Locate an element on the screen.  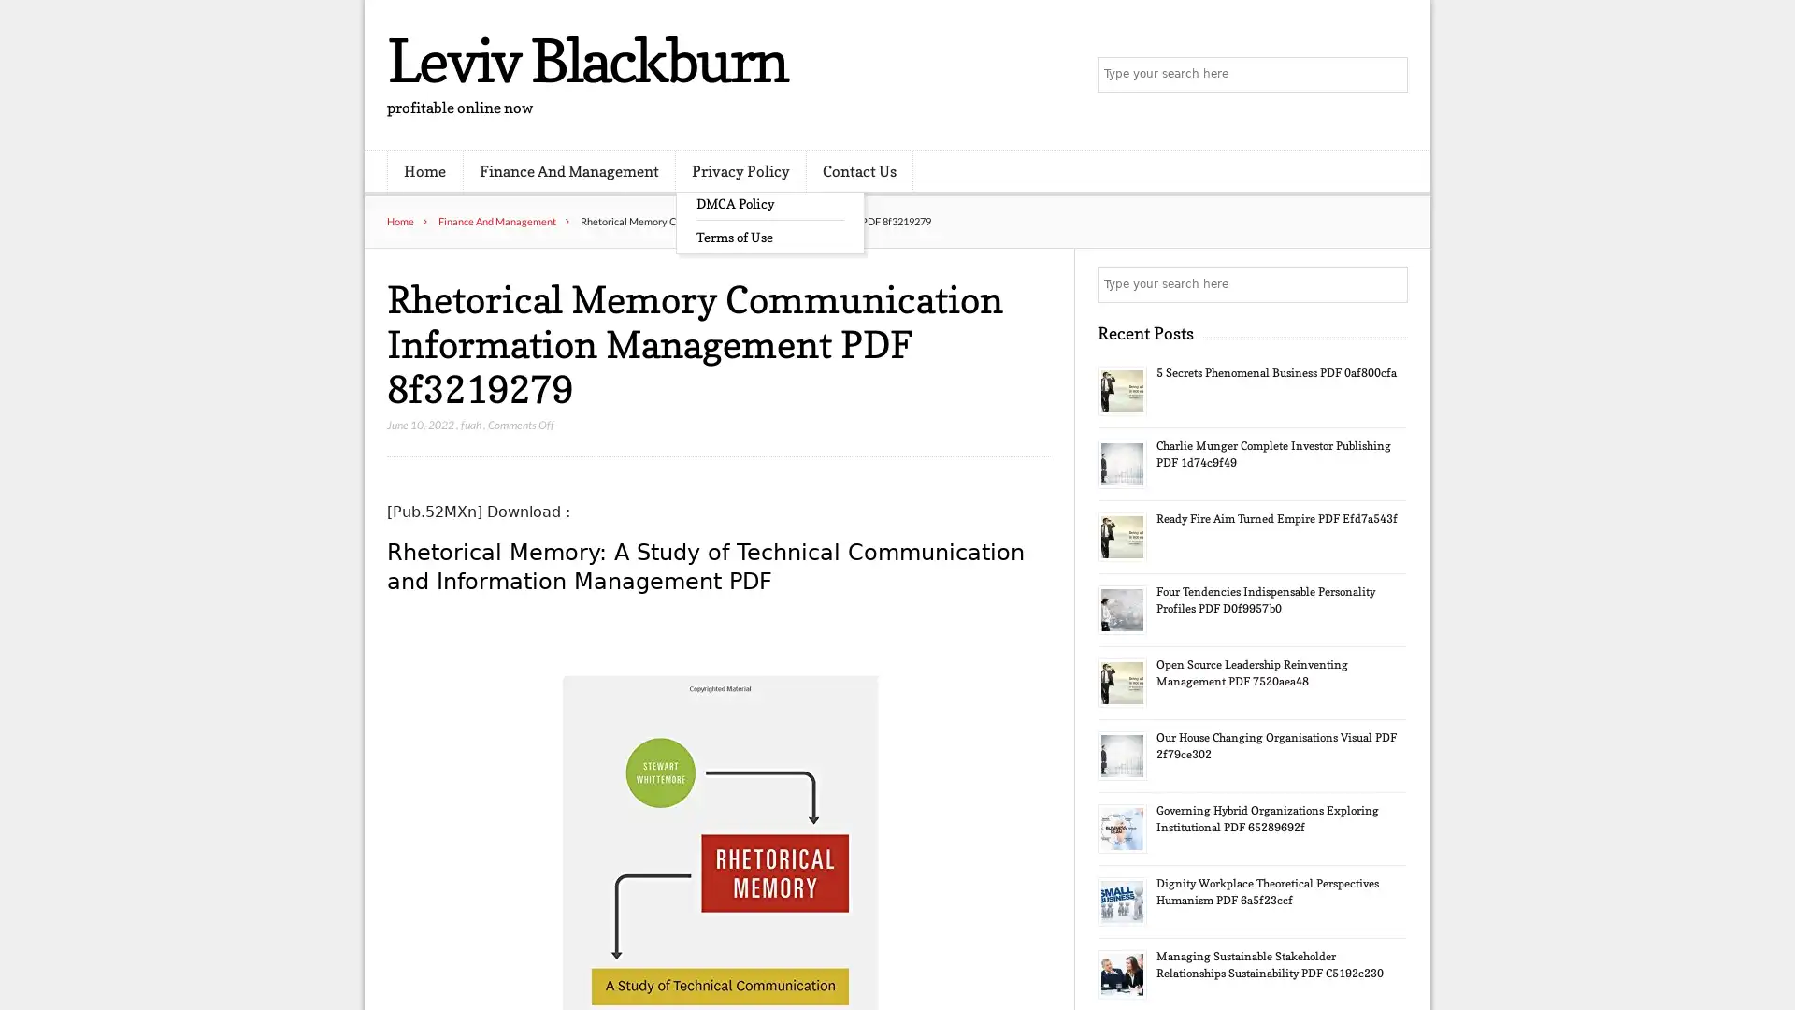
Search is located at coordinates (1388, 284).